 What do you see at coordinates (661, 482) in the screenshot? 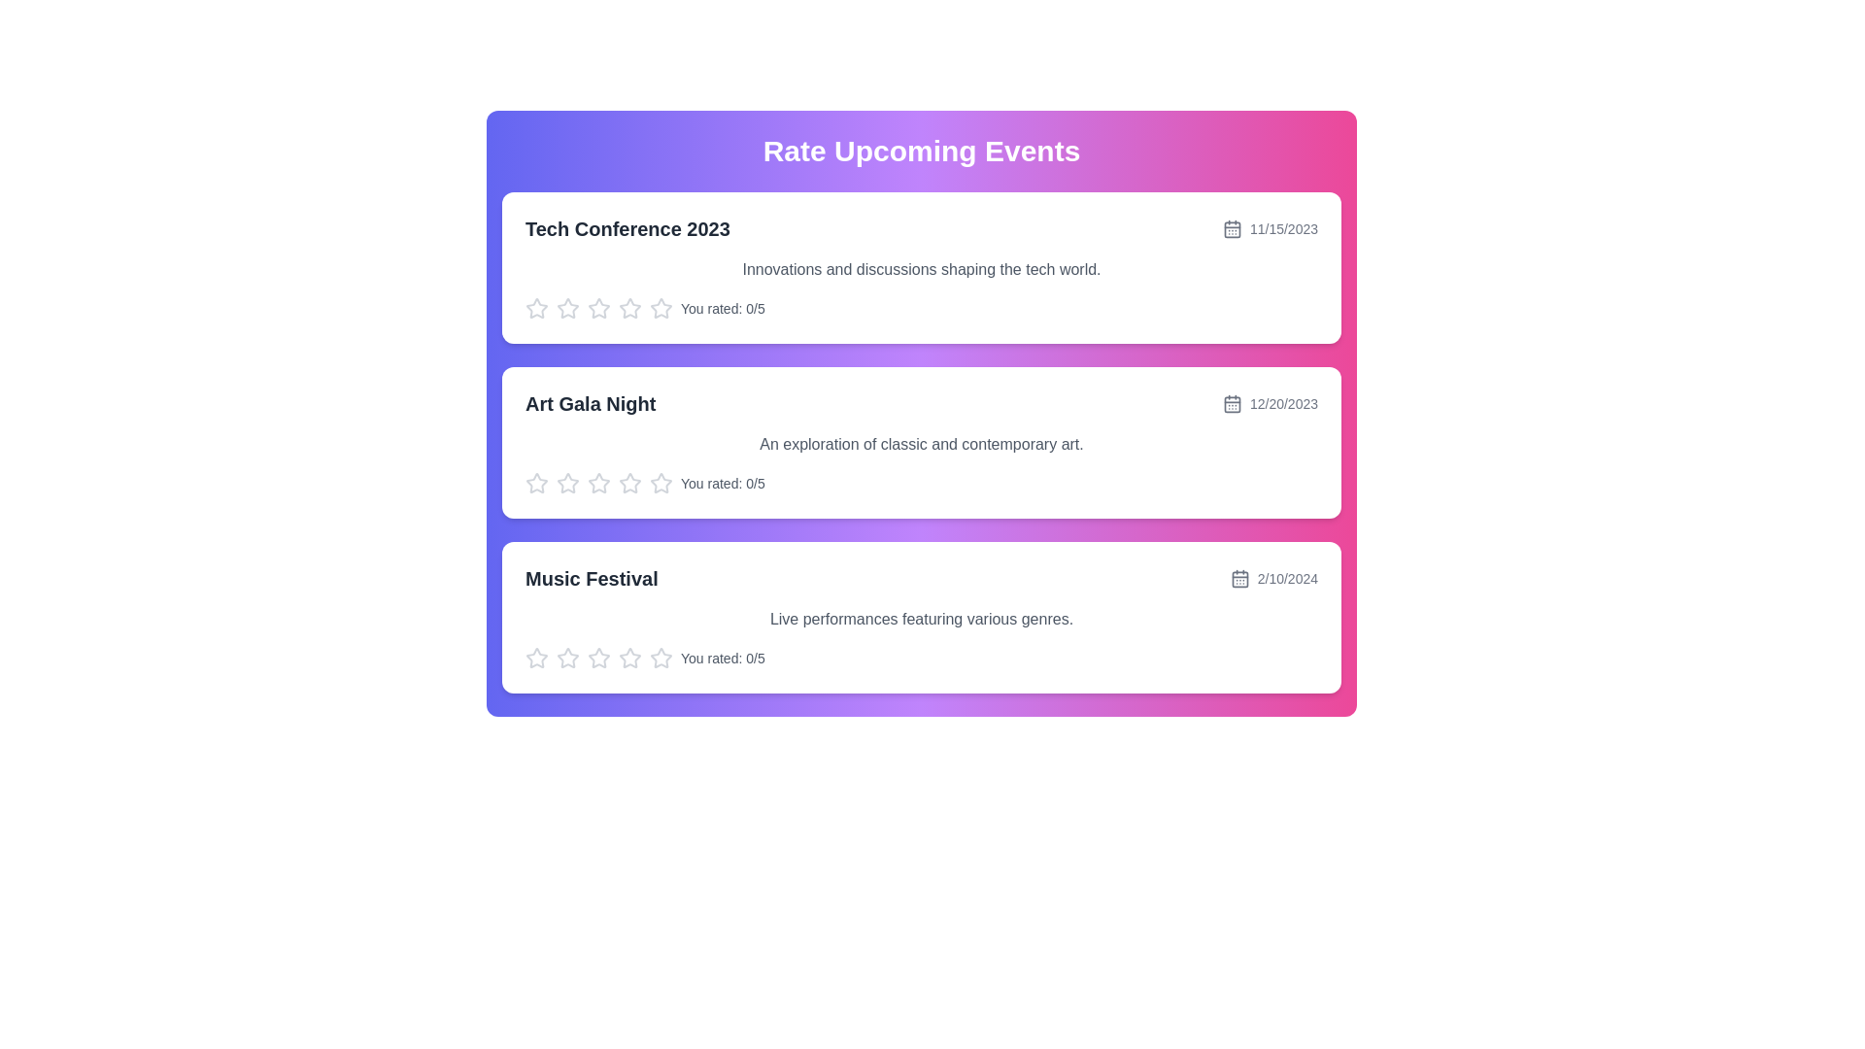
I see `the first star icon in the rating system located under the 'Art Gala Night' event` at bounding box center [661, 482].